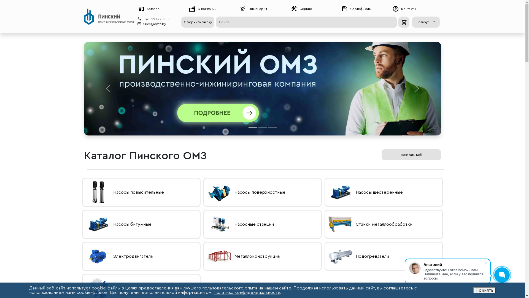 The width and height of the screenshot is (529, 298). What do you see at coordinates (389, 88) in the screenshot?
I see `'Next'` at bounding box center [389, 88].